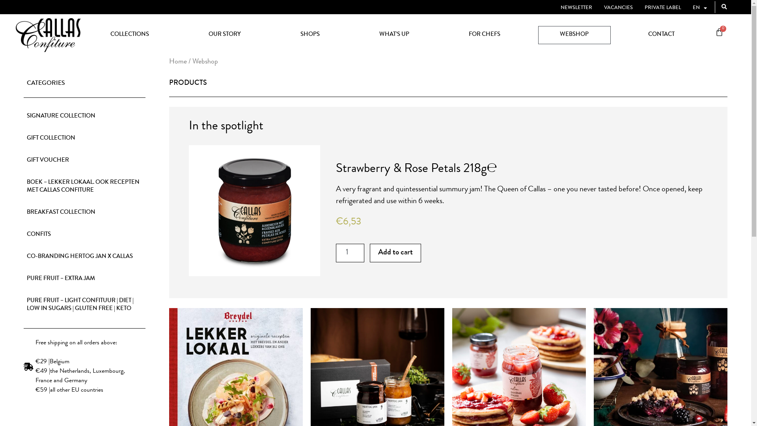 The height and width of the screenshot is (426, 757). I want to click on 'VACANCIES', so click(618, 8).